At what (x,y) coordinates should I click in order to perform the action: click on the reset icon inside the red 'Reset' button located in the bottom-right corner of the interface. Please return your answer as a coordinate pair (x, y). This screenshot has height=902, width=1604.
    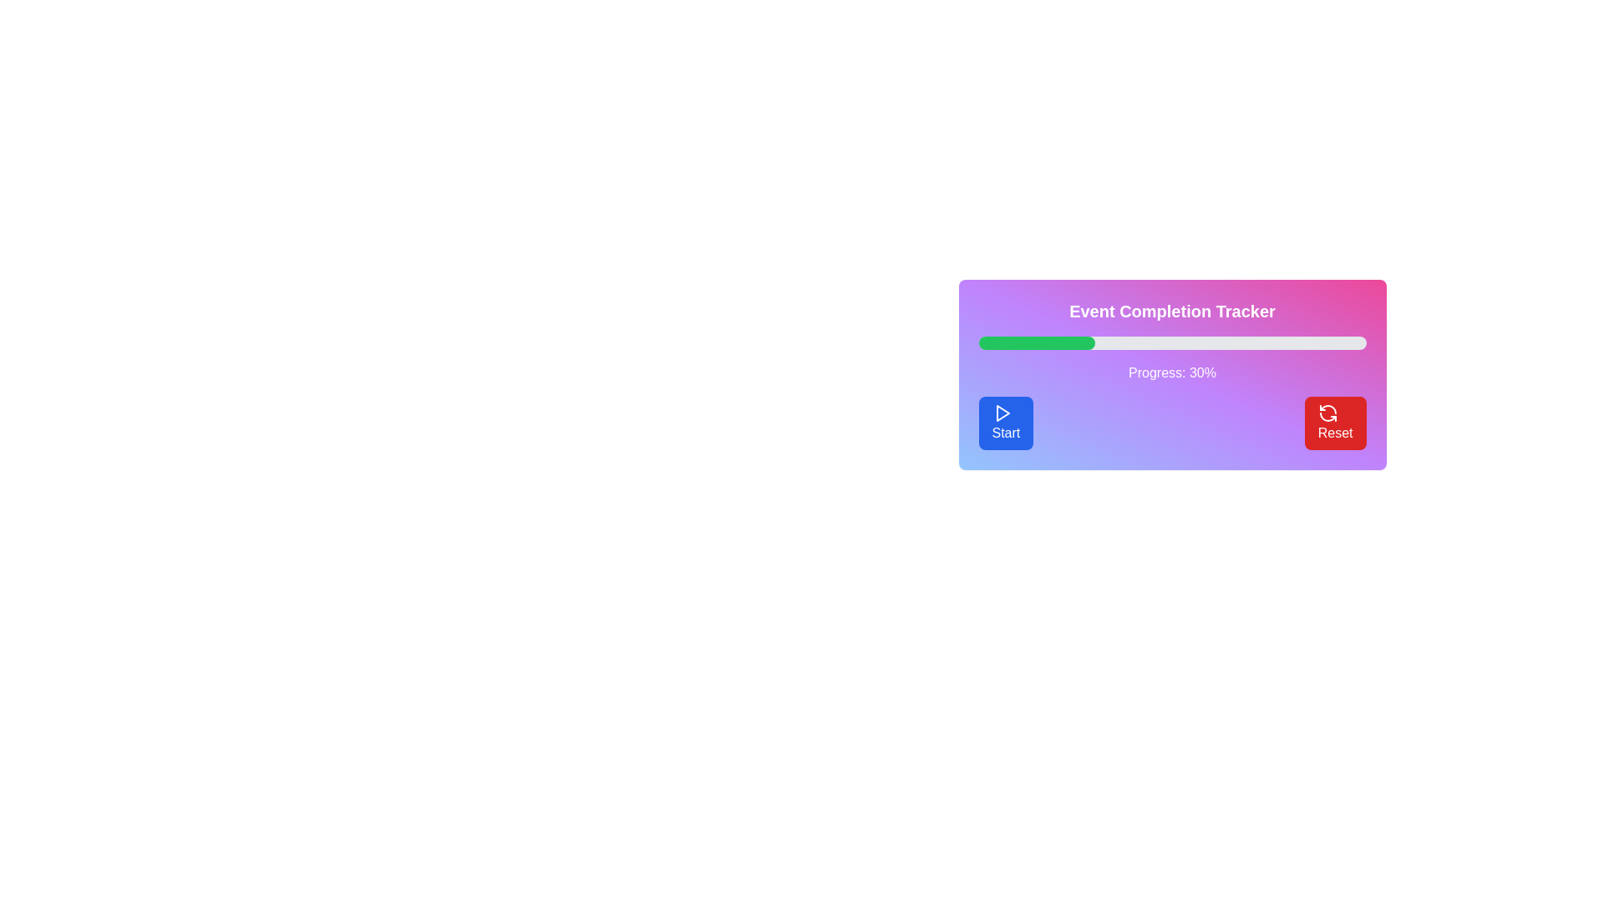
    Looking at the image, I should click on (1327, 413).